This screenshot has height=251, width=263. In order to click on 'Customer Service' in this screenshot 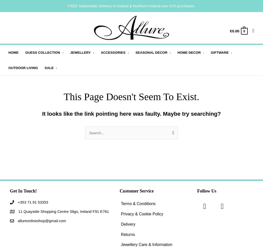, I will do `click(136, 191)`.